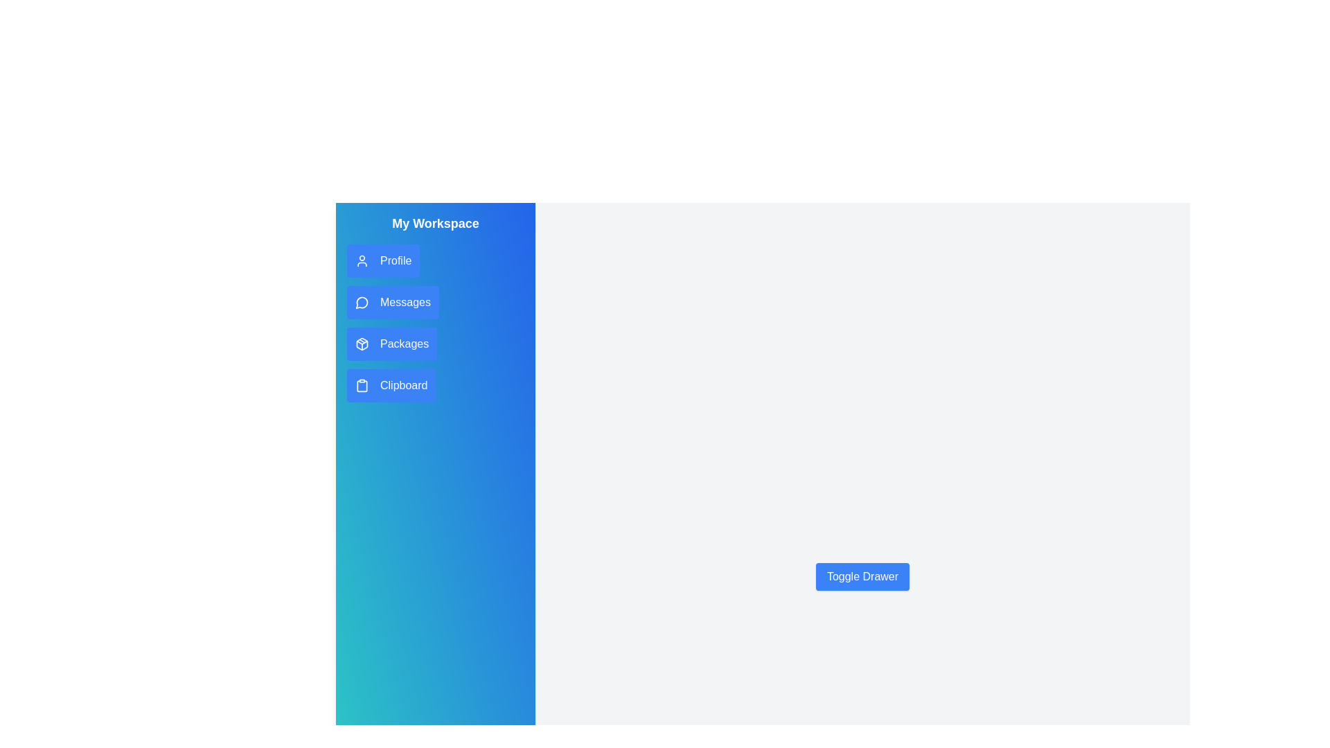 The image size is (1330, 748). Describe the element at coordinates (391, 344) in the screenshot. I see `the 'Packages' button in the drawer` at that location.